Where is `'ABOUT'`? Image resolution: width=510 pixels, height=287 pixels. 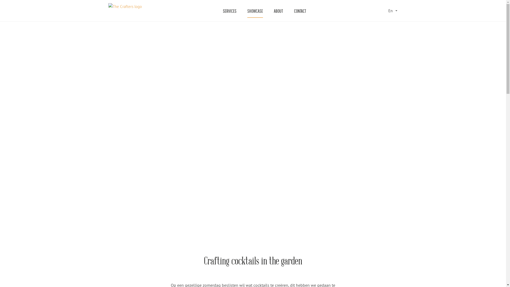 'ABOUT' is located at coordinates (278, 11).